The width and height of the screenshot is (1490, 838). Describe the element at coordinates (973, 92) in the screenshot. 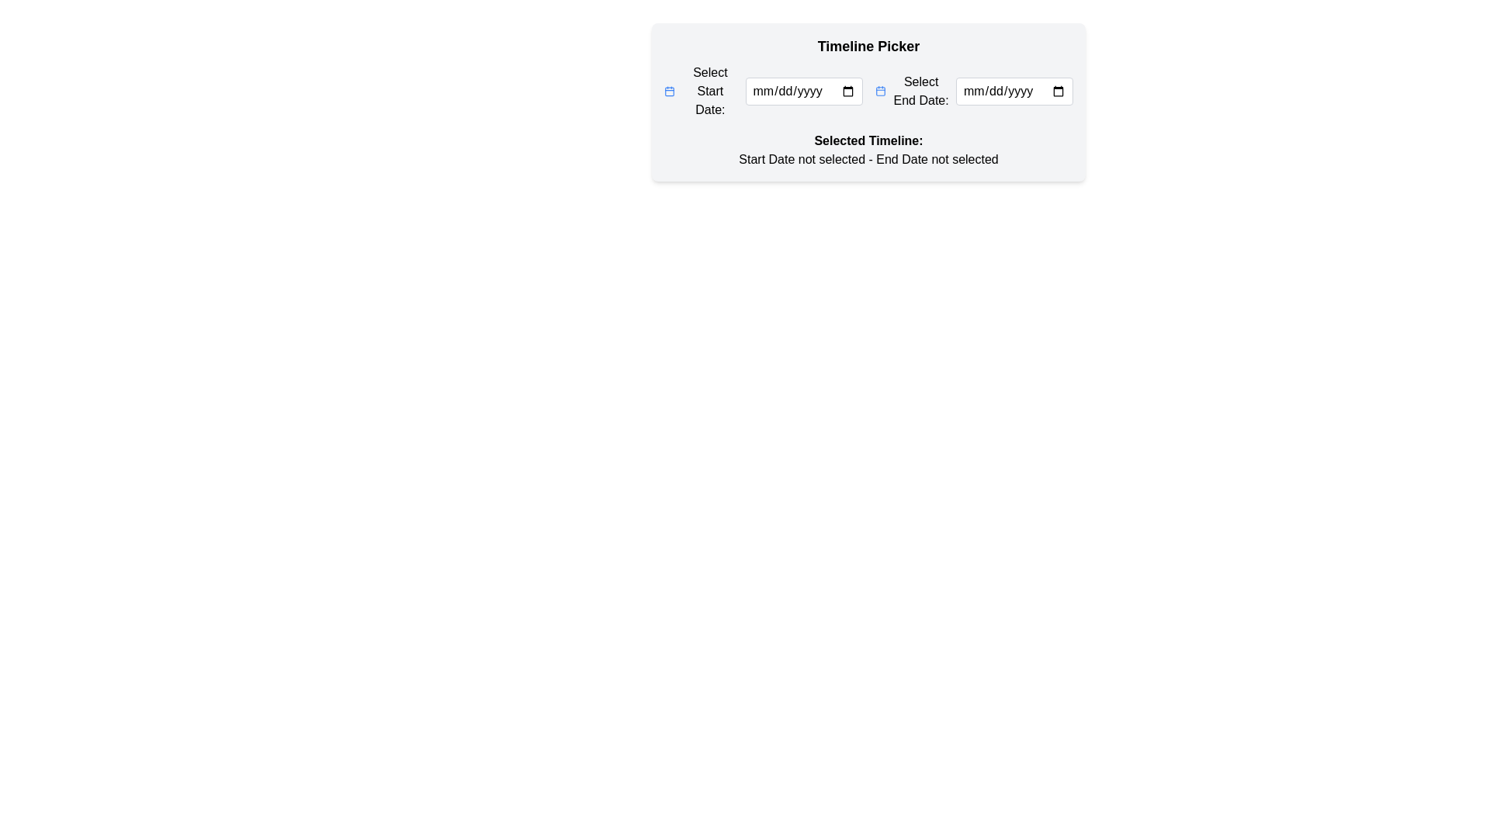

I see `the date selector element, which includes a label, an input field, and an icon` at that location.